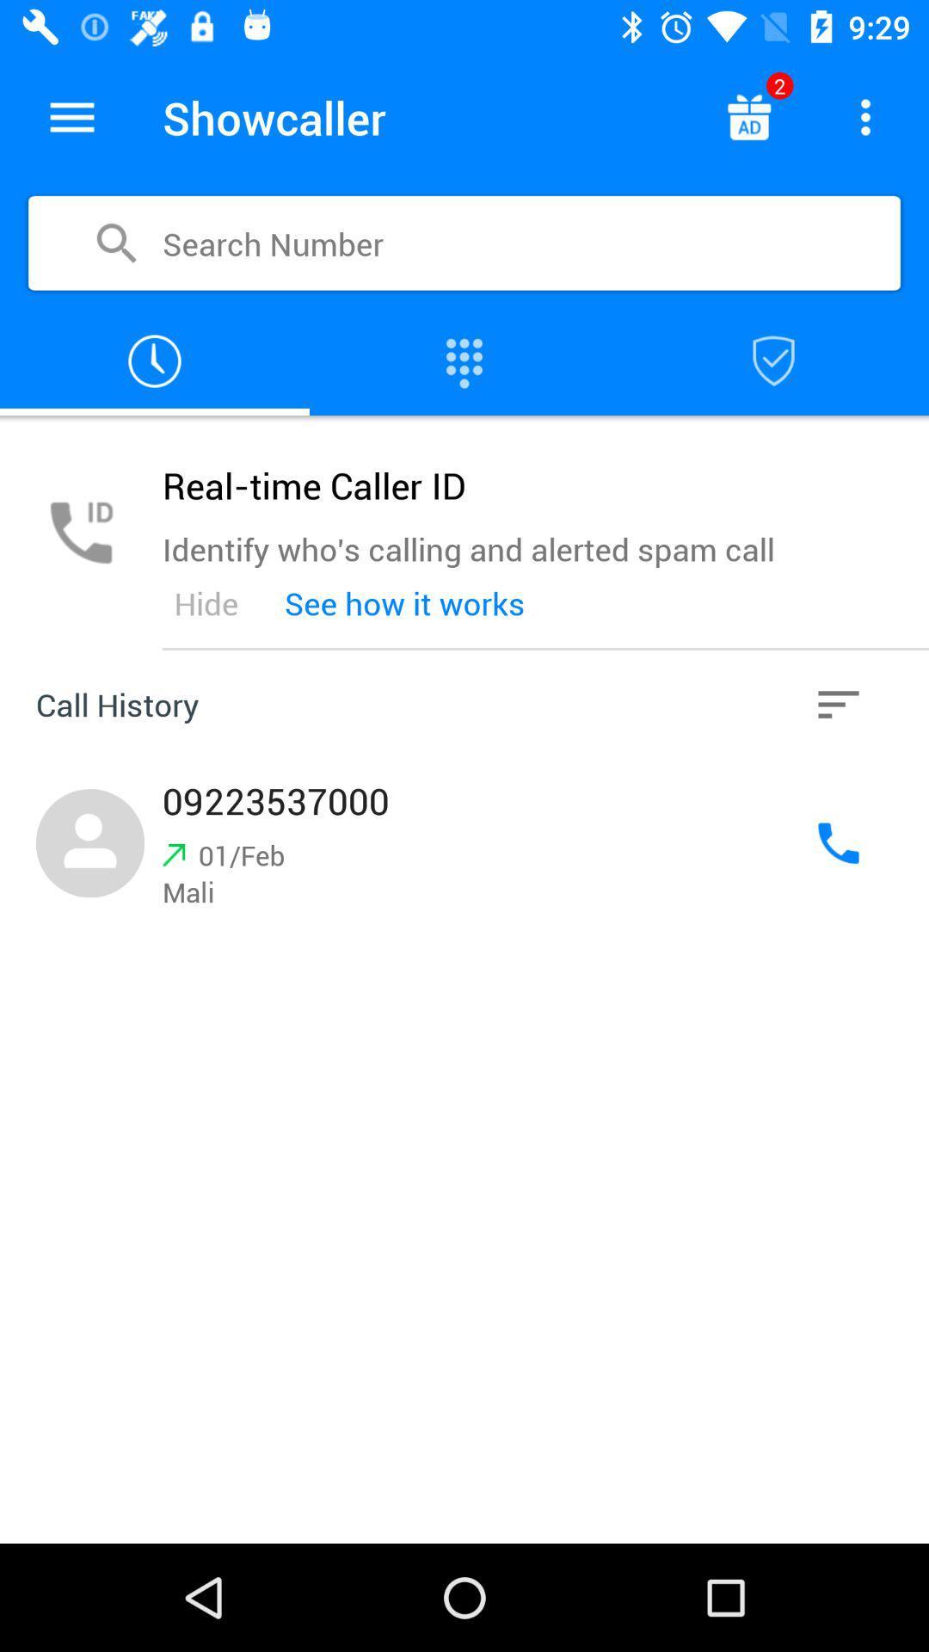 Image resolution: width=929 pixels, height=1652 pixels. I want to click on options menu, so click(71, 116).